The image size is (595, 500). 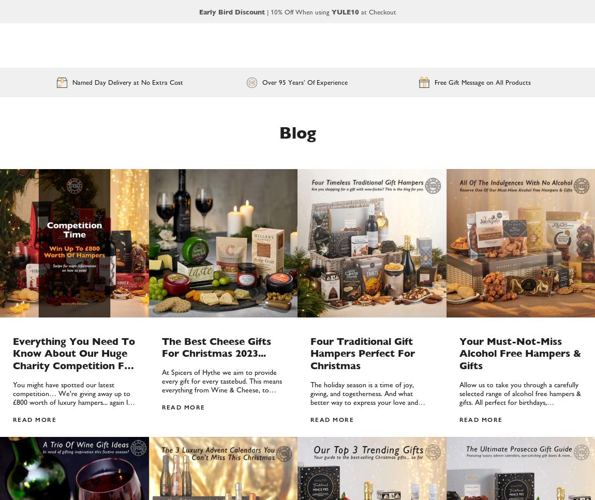 What do you see at coordinates (515, 218) in the screenshot?
I see `'Who's Responsible For Corporate Gifting In A Business?'` at bounding box center [515, 218].